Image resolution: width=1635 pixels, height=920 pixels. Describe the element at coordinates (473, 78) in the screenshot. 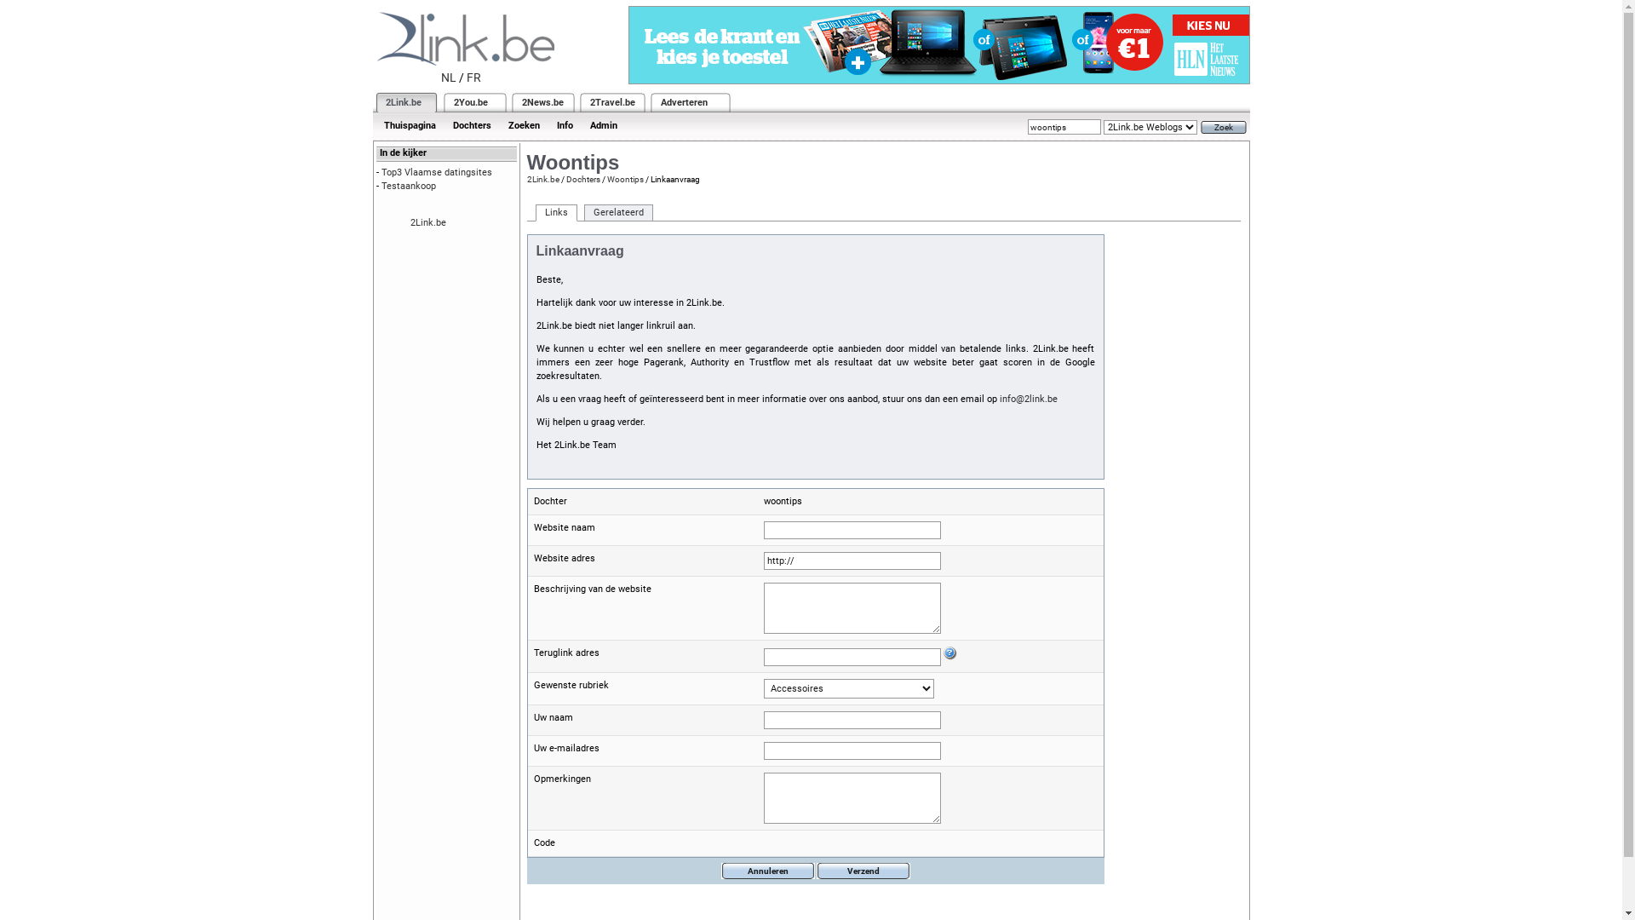

I see `'FR'` at that location.